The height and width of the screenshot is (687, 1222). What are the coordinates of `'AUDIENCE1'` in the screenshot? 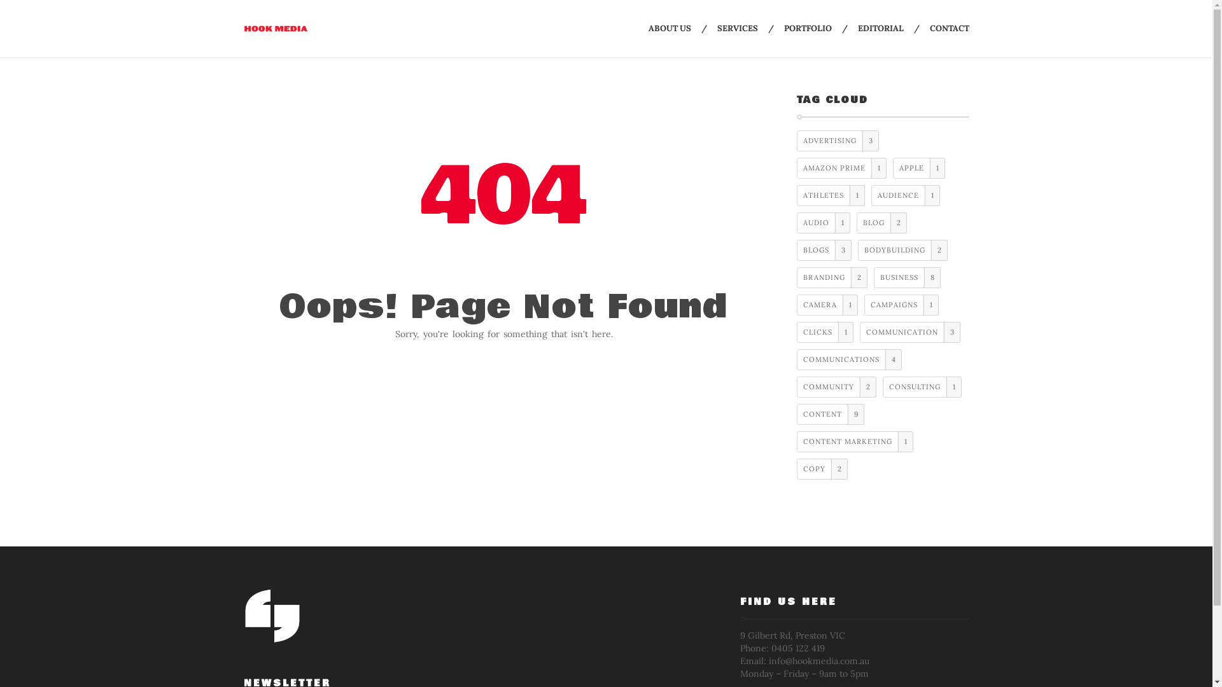 It's located at (870, 195).